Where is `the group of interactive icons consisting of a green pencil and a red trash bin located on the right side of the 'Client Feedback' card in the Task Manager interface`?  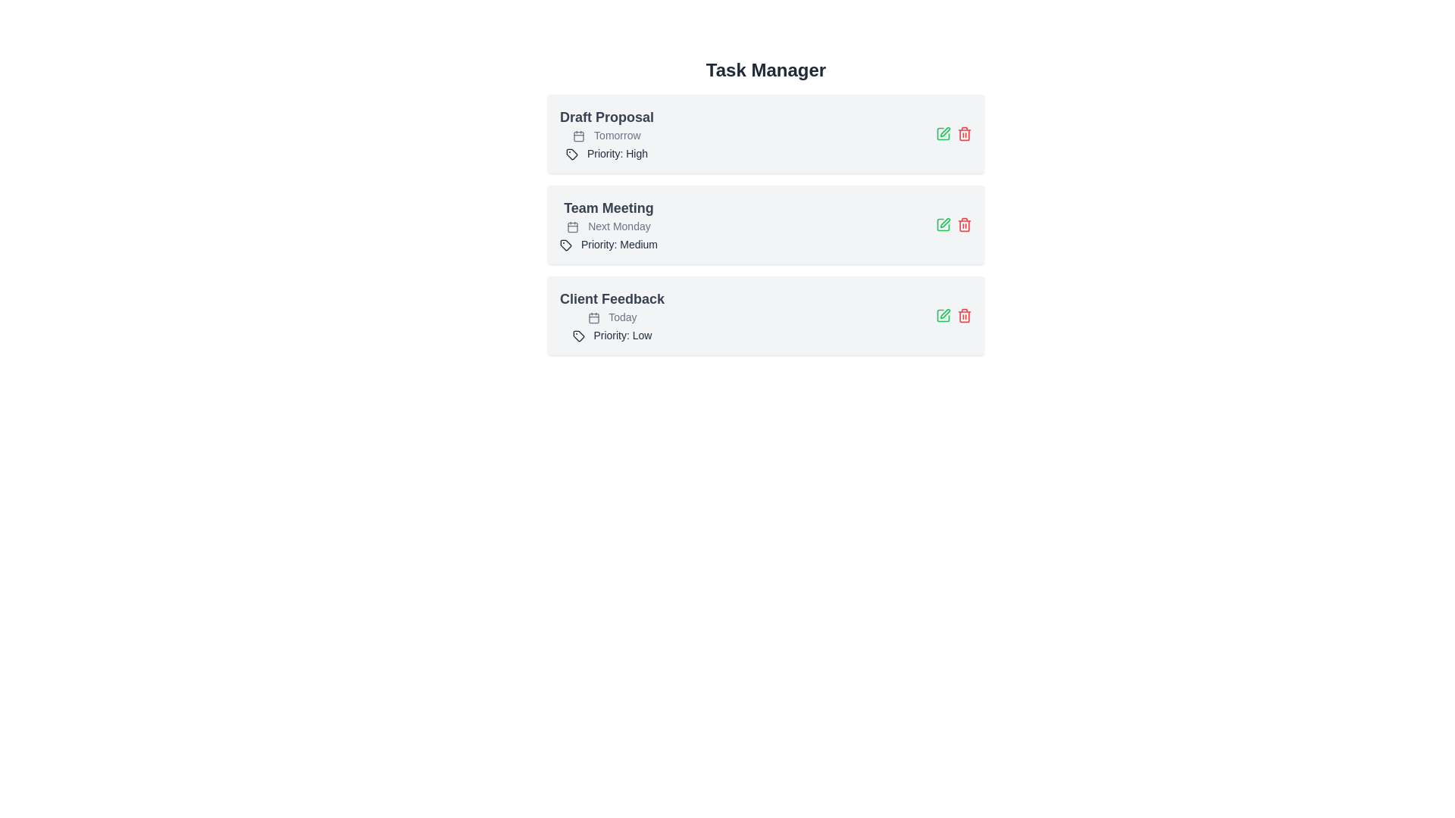 the group of interactive icons consisting of a green pencil and a red trash bin located on the right side of the 'Client Feedback' card in the Task Manager interface is located at coordinates (953, 314).